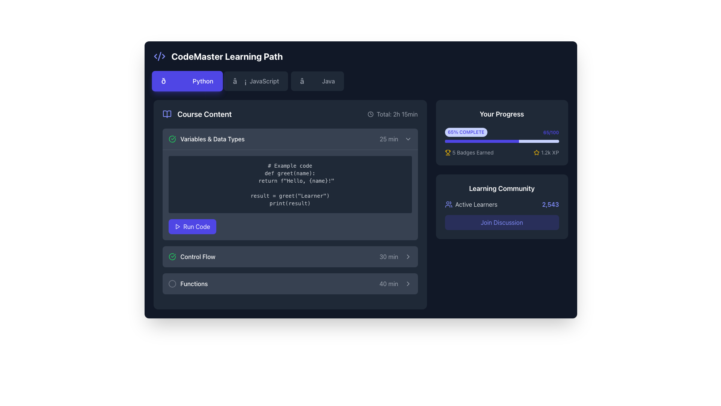  What do you see at coordinates (551, 132) in the screenshot?
I see `the Text display element that shows the current score out of 100, located in the upper right section of the 'Your Progress' panel next to the progress bar labeled '65% Complete'` at bounding box center [551, 132].